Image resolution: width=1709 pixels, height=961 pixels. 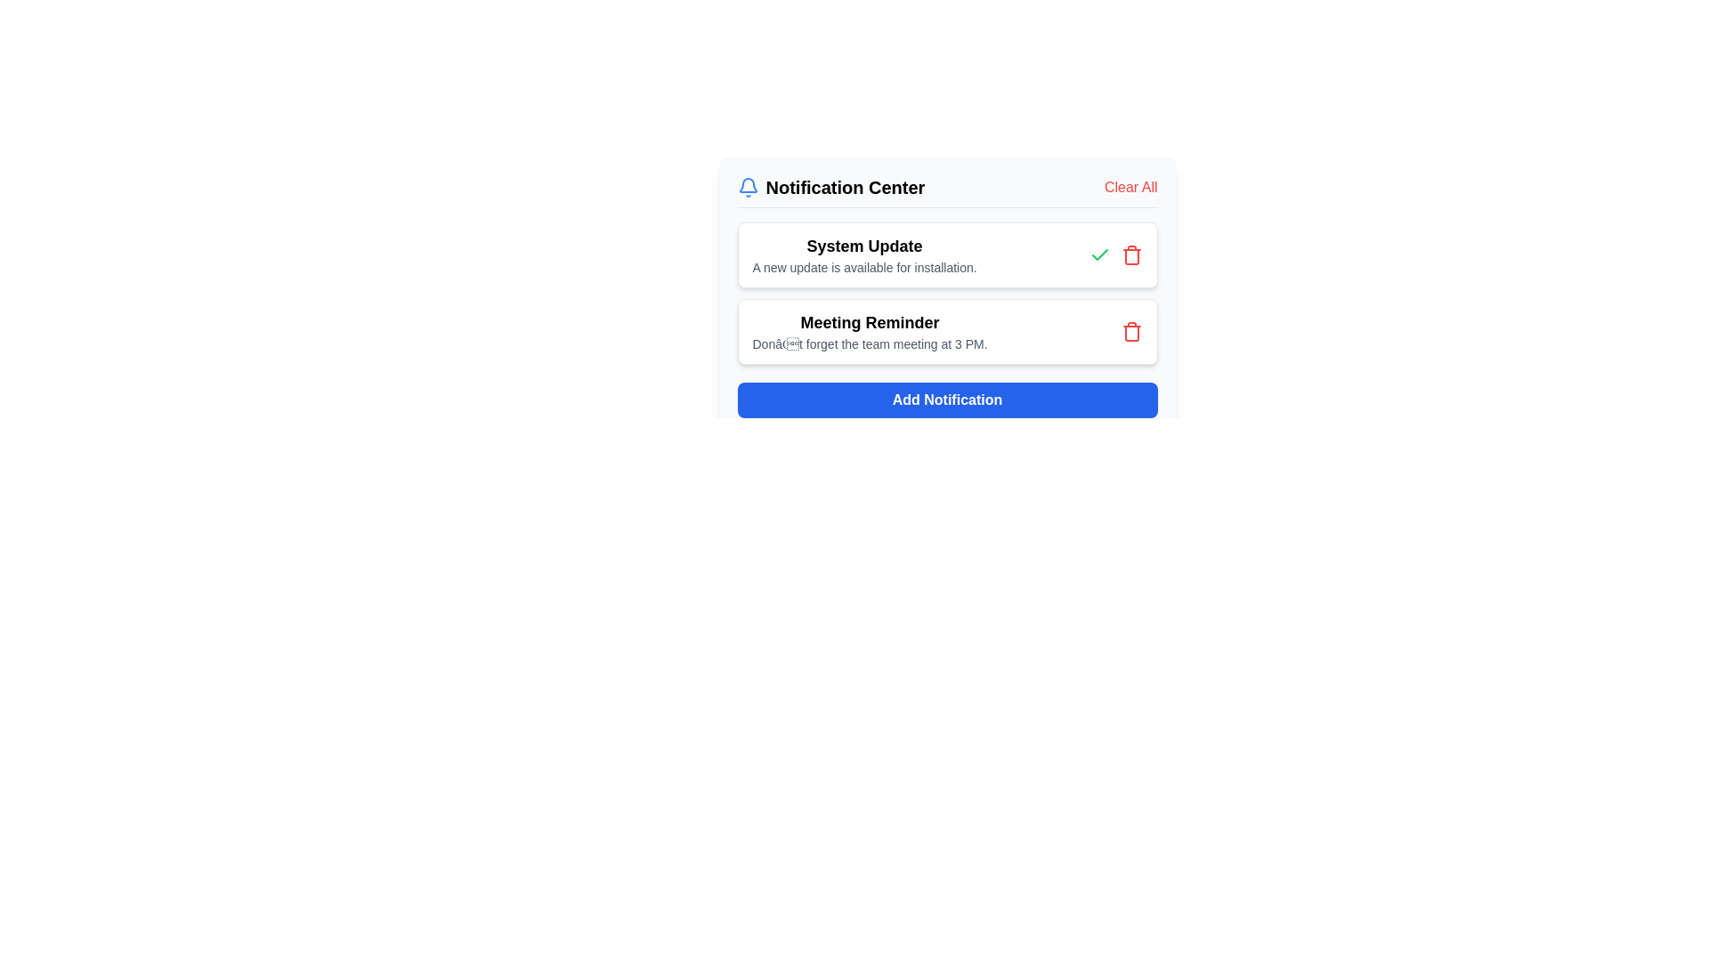 What do you see at coordinates (946, 400) in the screenshot?
I see `the button located at the bottom of the notification panel` at bounding box center [946, 400].